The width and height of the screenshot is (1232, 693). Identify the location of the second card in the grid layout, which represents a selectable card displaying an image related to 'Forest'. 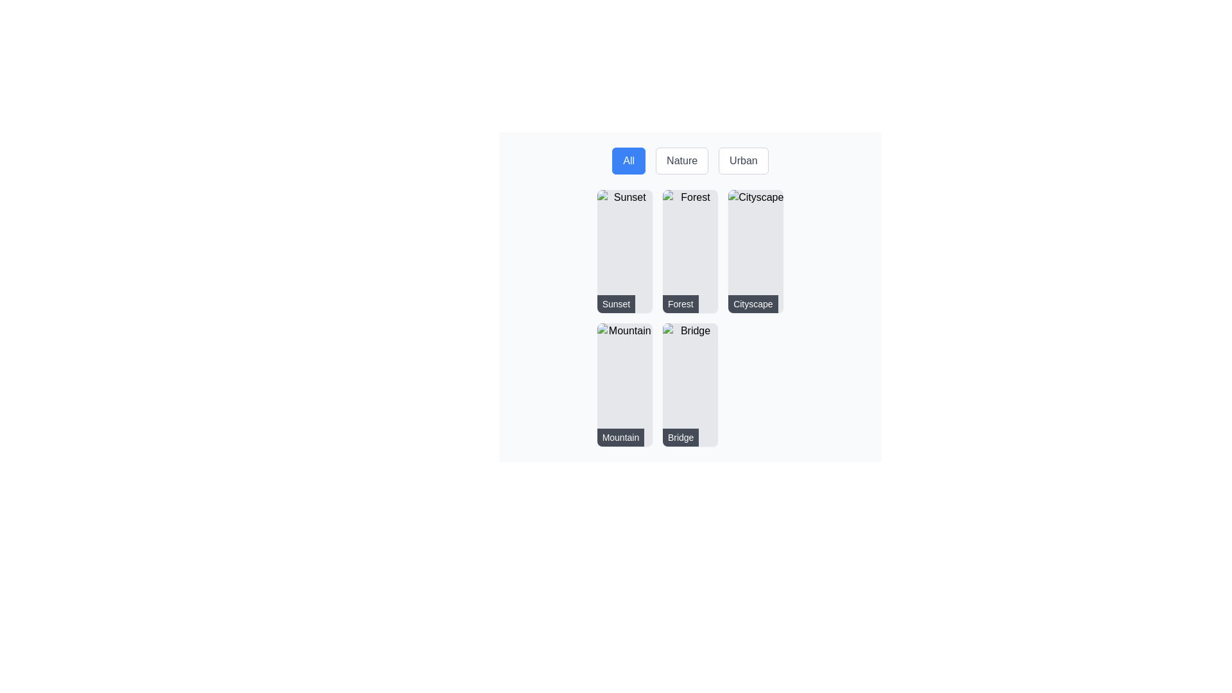
(689, 296).